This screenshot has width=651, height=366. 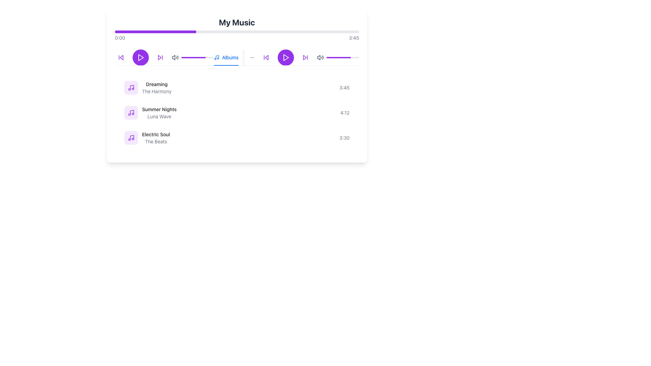 I want to click on the mute/unmute icon located in the top right corner of the audio player interface, so click(x=175, y=57).